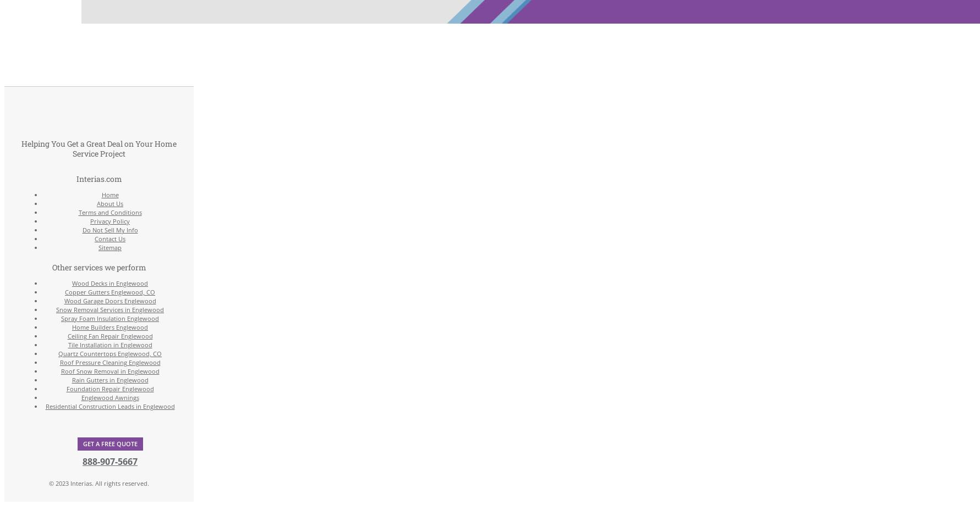 The width and height of the screenshot is (980, 505). What do you see at coordinates (110, 443) in the screenshot?
I see `'Get a Free Quote'` at bounding box center [110, 443].